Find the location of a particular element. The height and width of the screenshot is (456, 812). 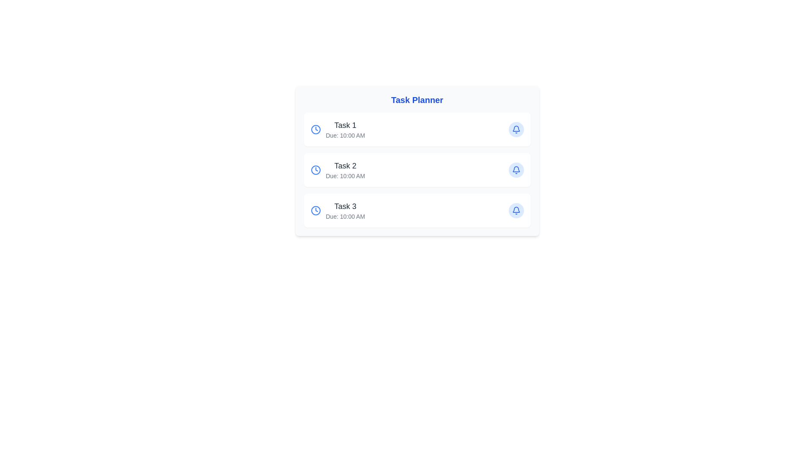

the vibrant blue clock icon next to the 'Task 2' label in the card layout is located at coordinates (315, 170).